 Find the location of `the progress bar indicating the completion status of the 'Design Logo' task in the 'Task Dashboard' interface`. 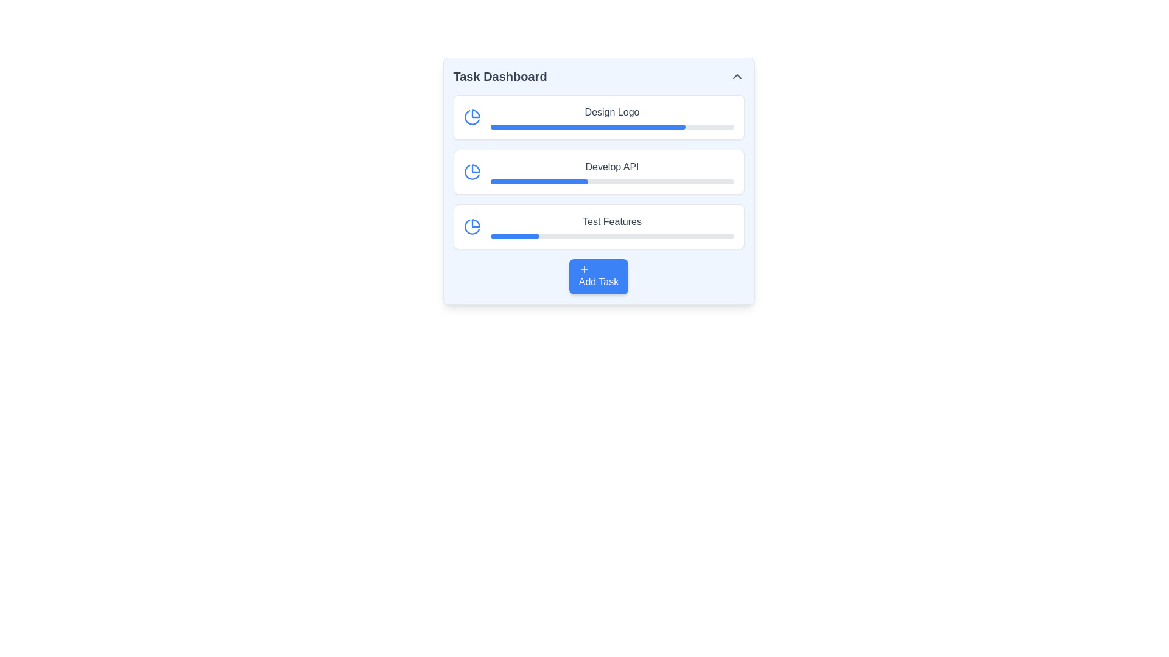

the progress bar indicating the completion status of the 'Design Logo' task in the 'Task Dashboard' interface is located at coordinates (588, 127).